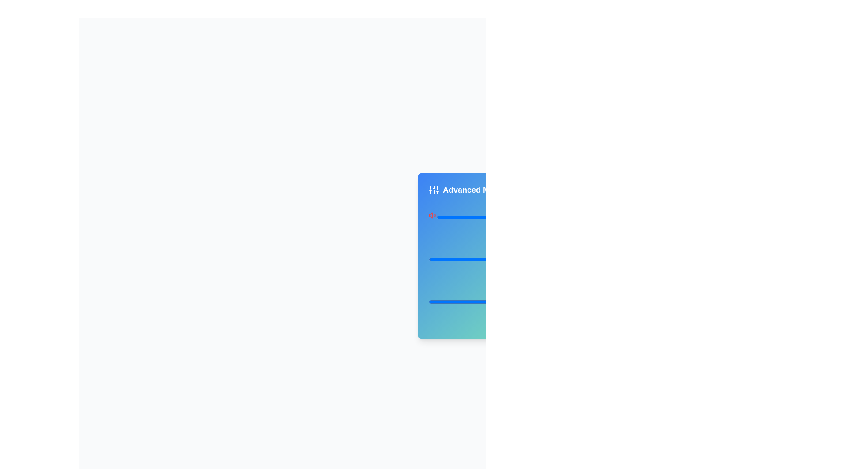  Describe the element at coordinates (550, 217) in the screenshot. I see `the slider` at that location.